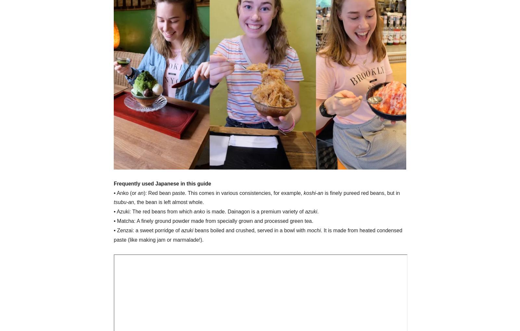 The image size is (520, 331). Describe the element at coordinates (162, 183) in the screenshot. I see `'Frequently used Japanese in this guide'` at that location.